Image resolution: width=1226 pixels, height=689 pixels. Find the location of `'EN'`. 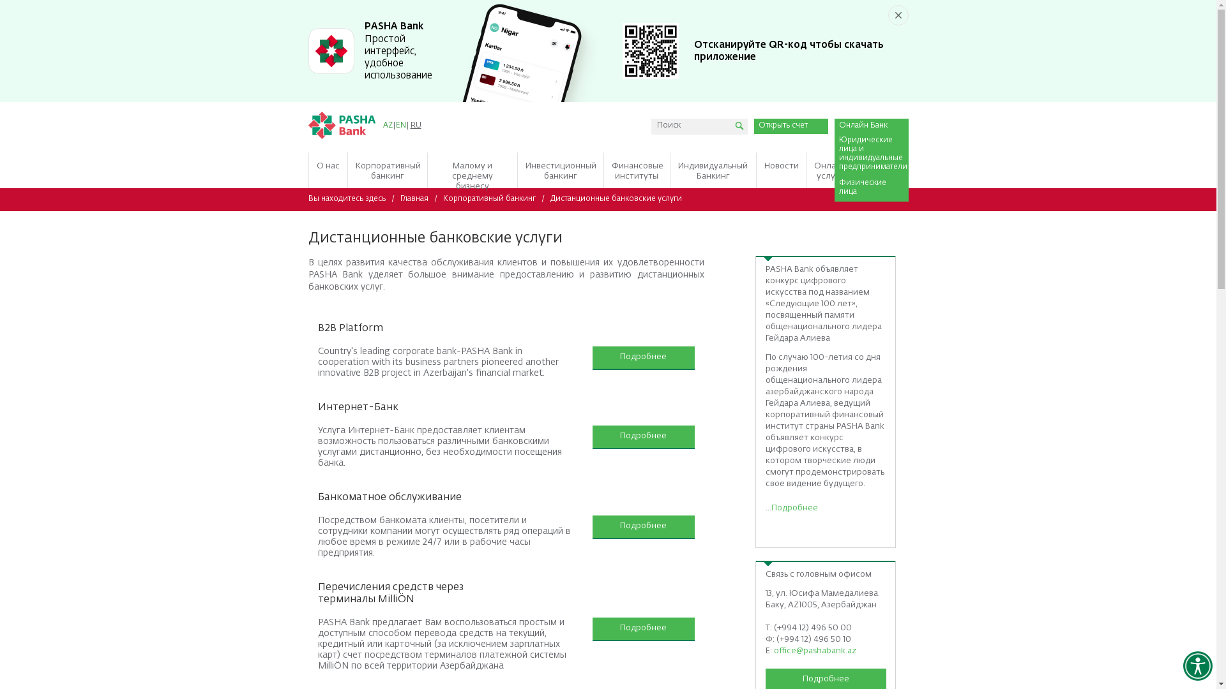

'EN' is located at coordinates (400, 125).